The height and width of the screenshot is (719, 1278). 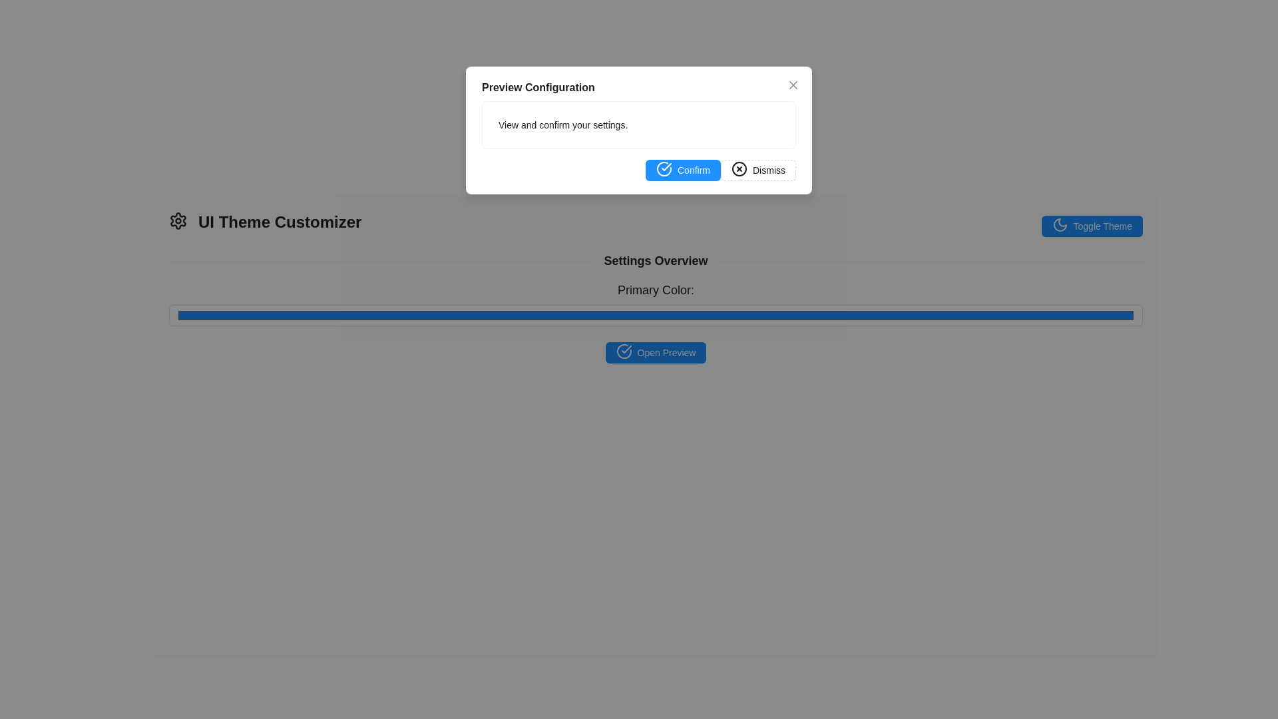 What do you see at coordinates (656, 316) in the screenshot?
I see `the horizontal color input field with blue value displayed, located below the label 'Primary Color:'` at bounding box center [656, 316].